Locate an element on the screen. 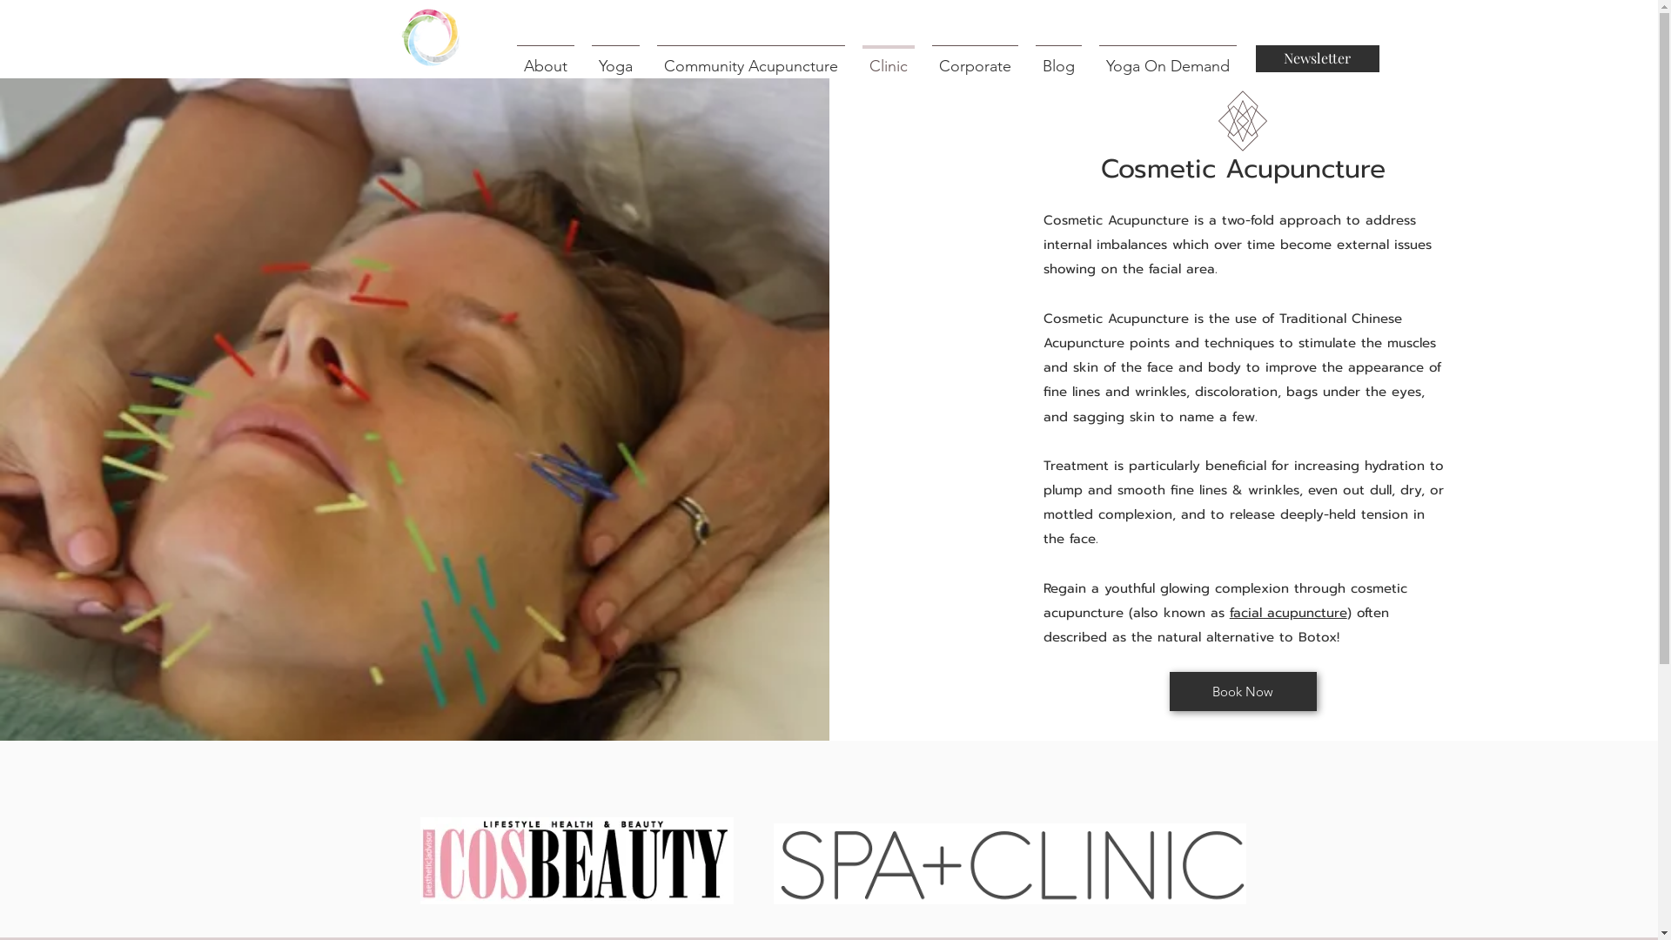 The image size is (1671, 940). 'download.png' is located at coordinates (1009, 863).